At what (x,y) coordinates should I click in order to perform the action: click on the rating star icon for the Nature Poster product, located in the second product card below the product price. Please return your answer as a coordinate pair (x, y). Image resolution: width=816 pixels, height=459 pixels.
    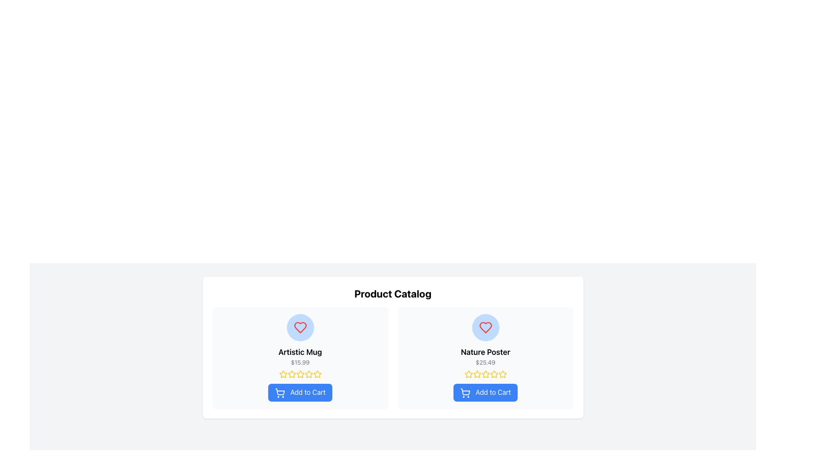
    Looking at the image, I should click on (468, 374).